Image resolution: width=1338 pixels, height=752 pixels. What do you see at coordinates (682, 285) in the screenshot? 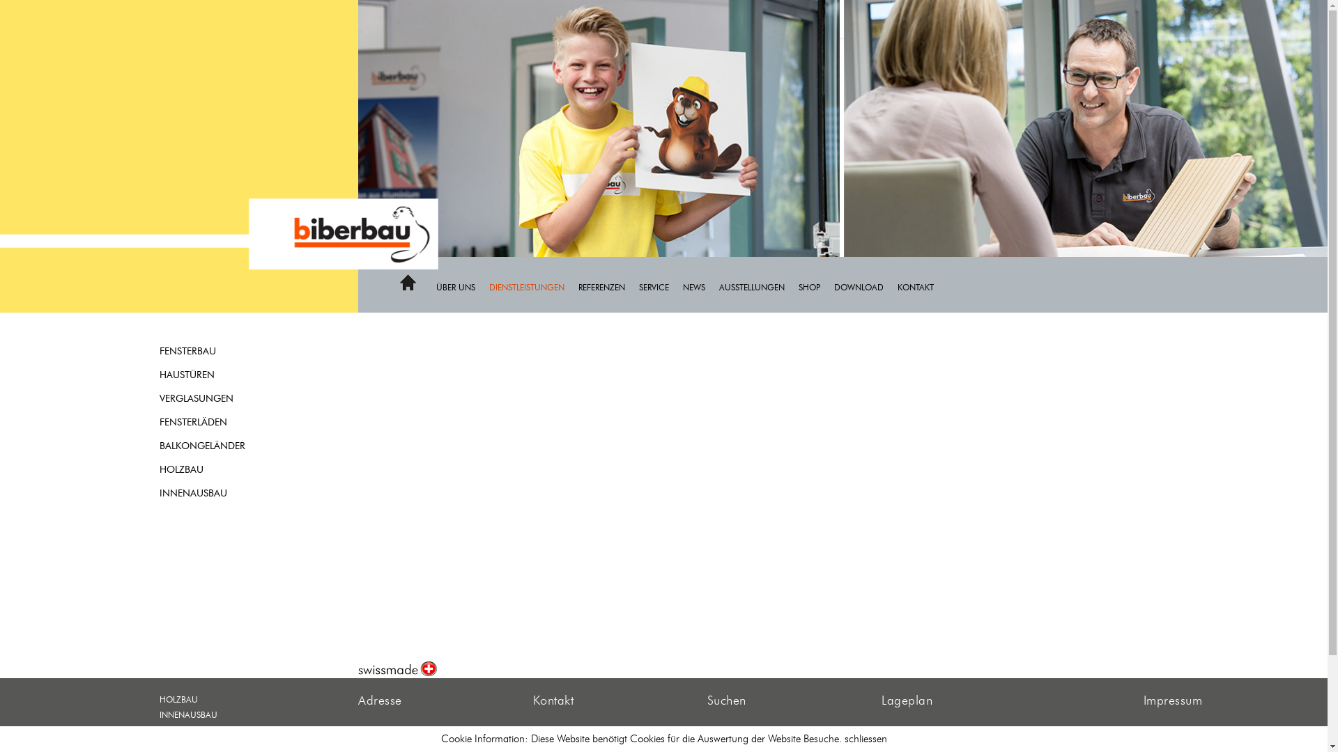
I see `'NEWS'` at bounding box center [682, 285].